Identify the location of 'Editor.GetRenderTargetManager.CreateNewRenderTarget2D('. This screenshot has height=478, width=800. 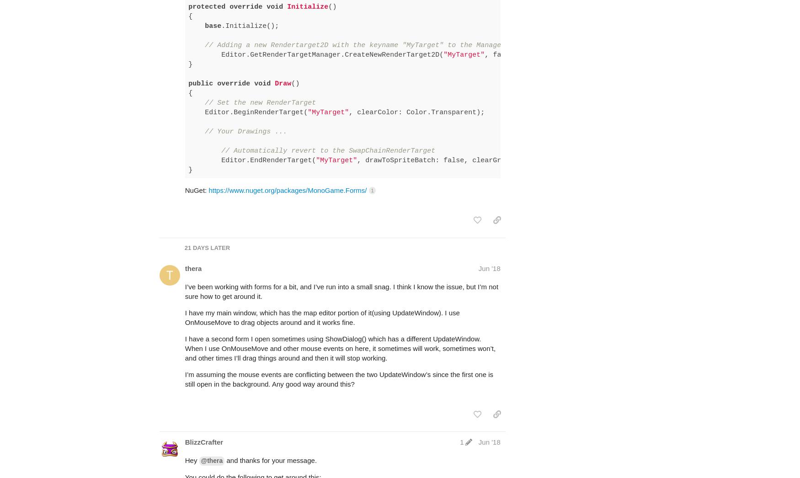
(316, 18).